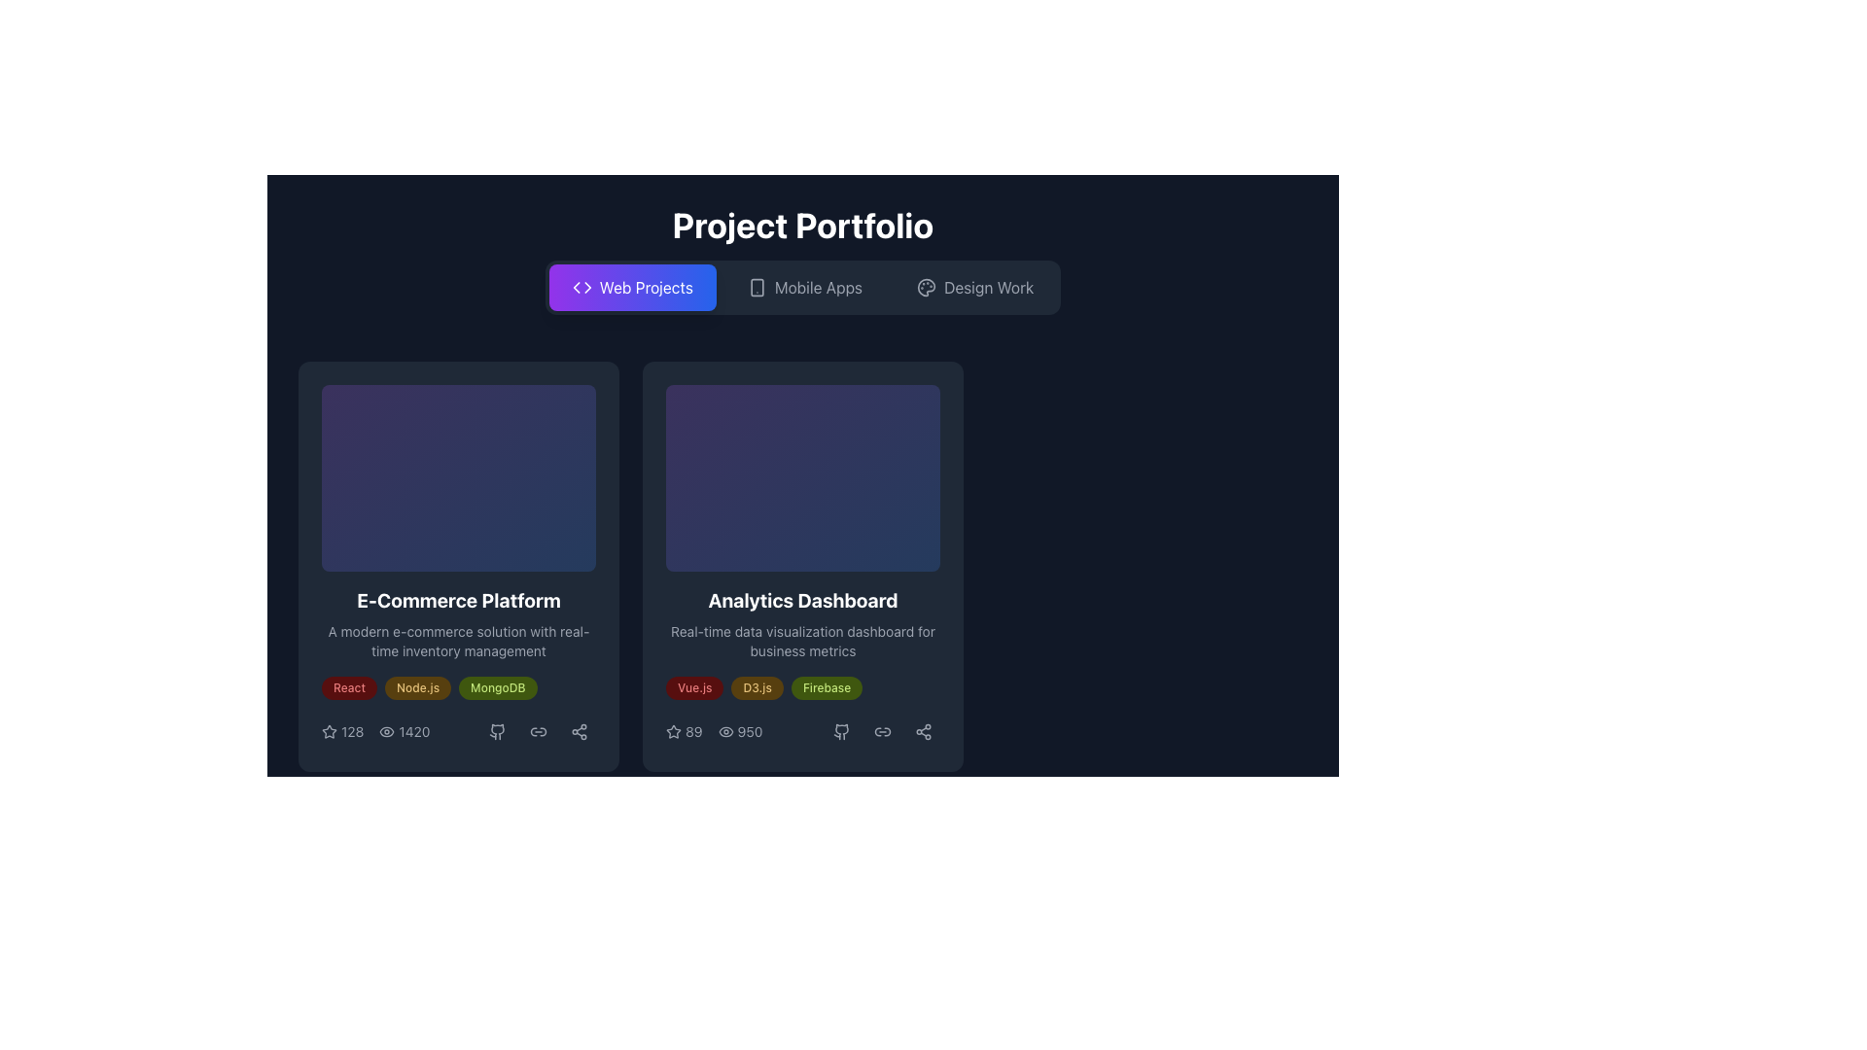 The image size is (1867, 1050). Describe the element at coordinates (802, 224) in the screenshot. I see `the static text heading 'Project Portfolio', which is bold, large-sized, and displayed in white color above the navigation menu bar` at that location.